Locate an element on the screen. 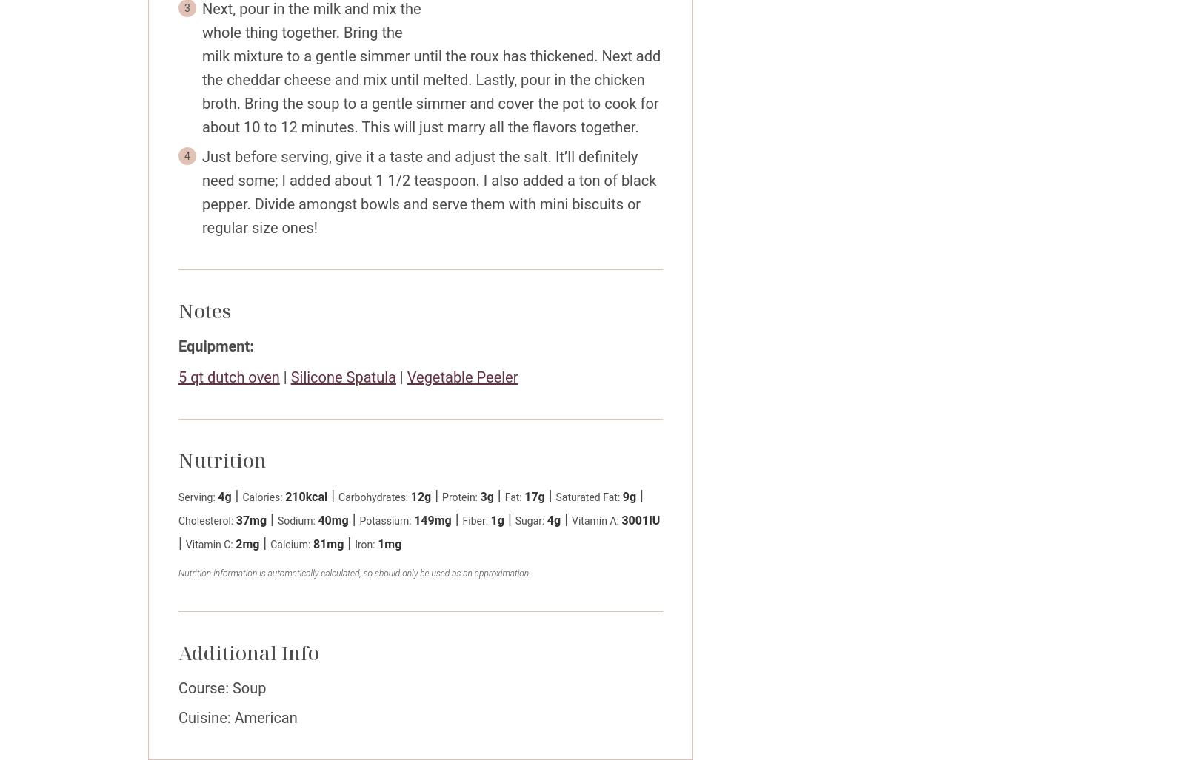  'Nutrition information is automatically calculated, so should only be used as an approximation.' is located at coordinates (354, 572).